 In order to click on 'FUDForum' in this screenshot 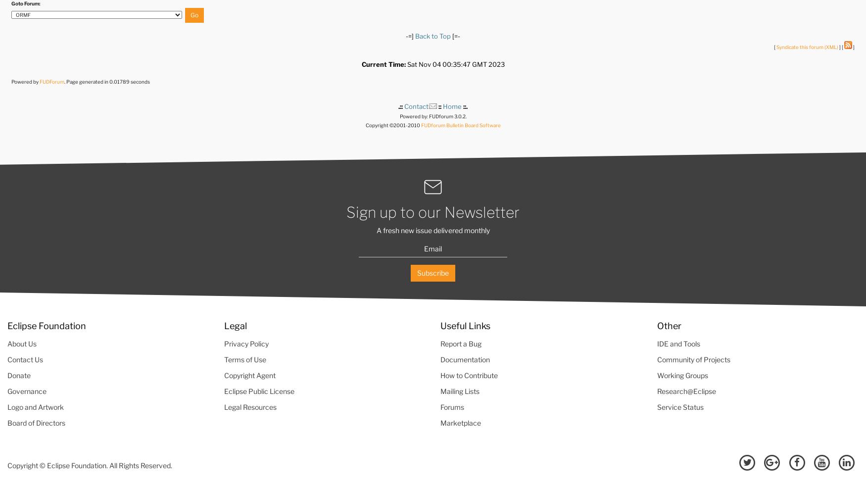, I will do `click(39, 81)`.